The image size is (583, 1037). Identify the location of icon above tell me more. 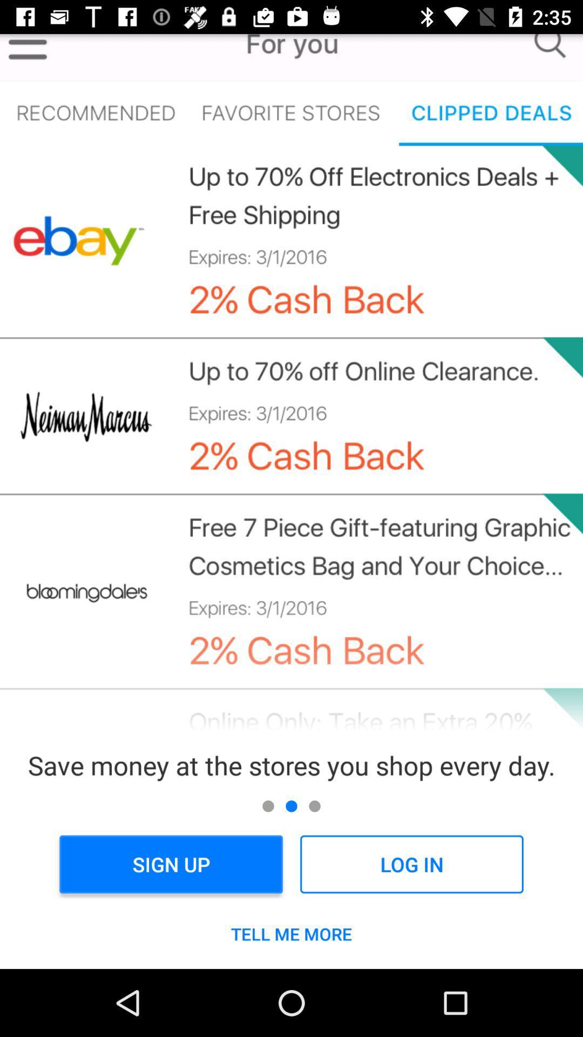
(411, 864).